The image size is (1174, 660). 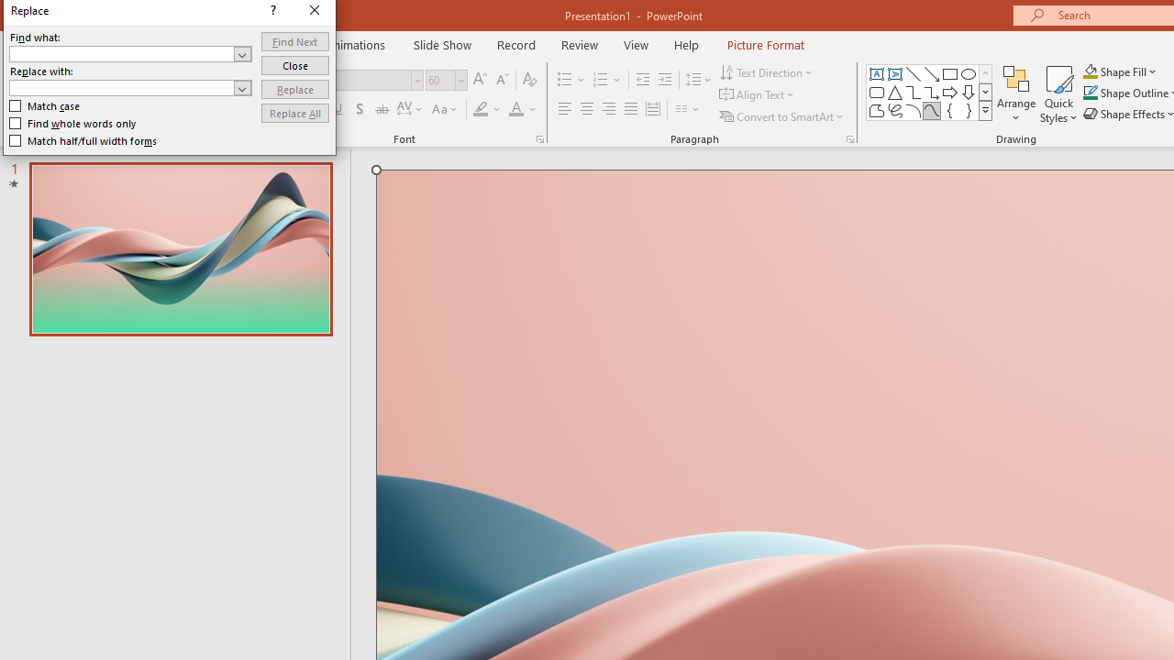 What do you see at coordinates (608, 109) in the screenshot?
I see `'Align Right'` at bounding box center [608, 109].